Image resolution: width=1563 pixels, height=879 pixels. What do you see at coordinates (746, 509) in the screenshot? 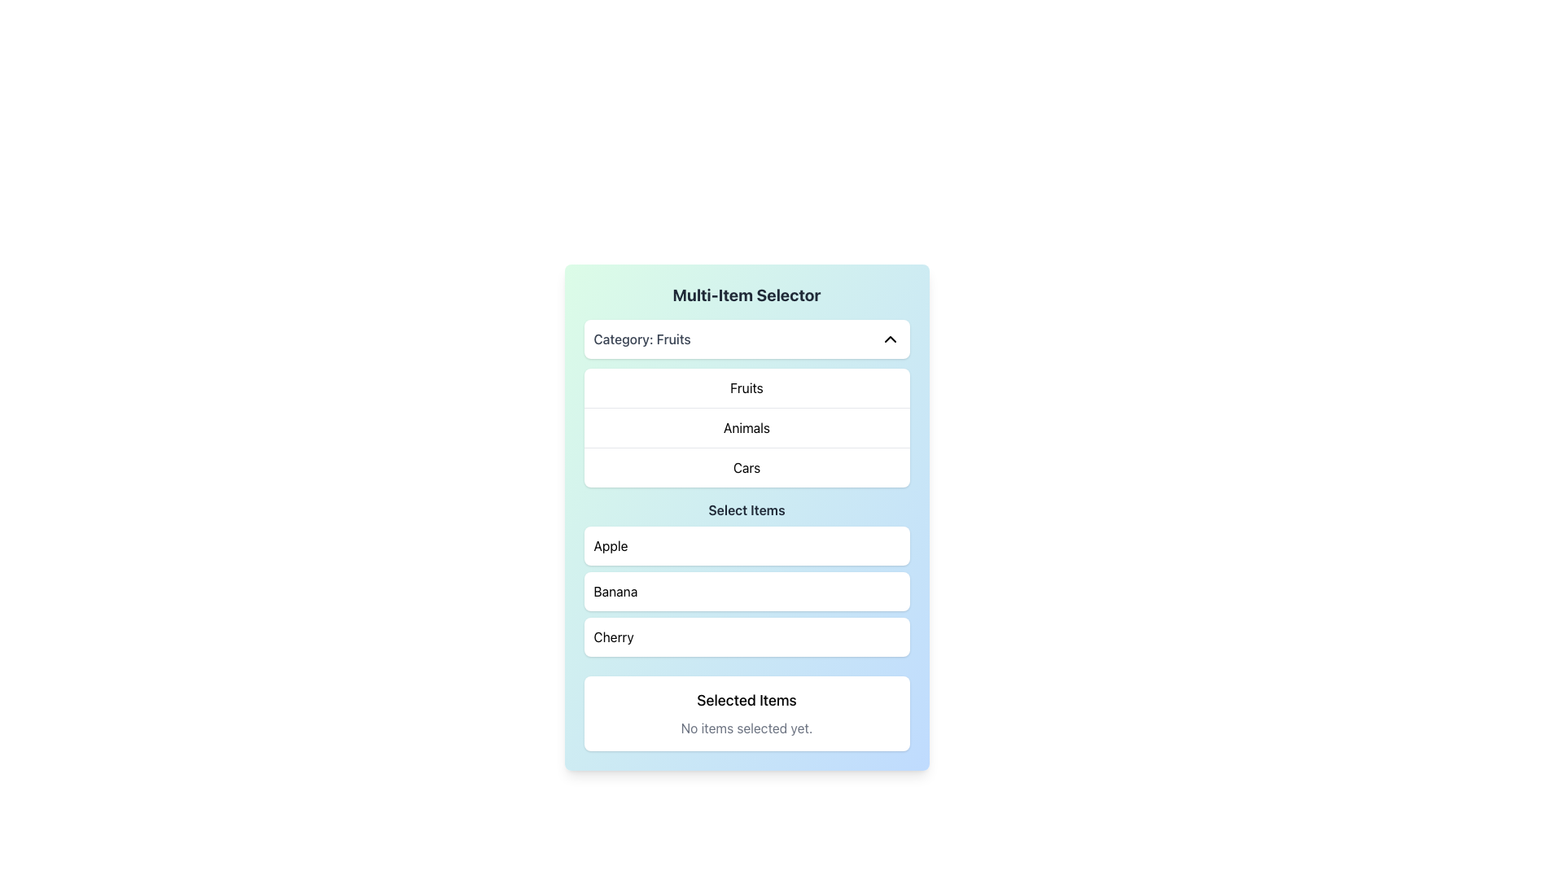
I see `the 'Select Items' label which is styled with bold font and dark gray color, located at the top of its section above the options 'Apple', 'Banana', and 'Cherry'` at bounding box center [746, 509].